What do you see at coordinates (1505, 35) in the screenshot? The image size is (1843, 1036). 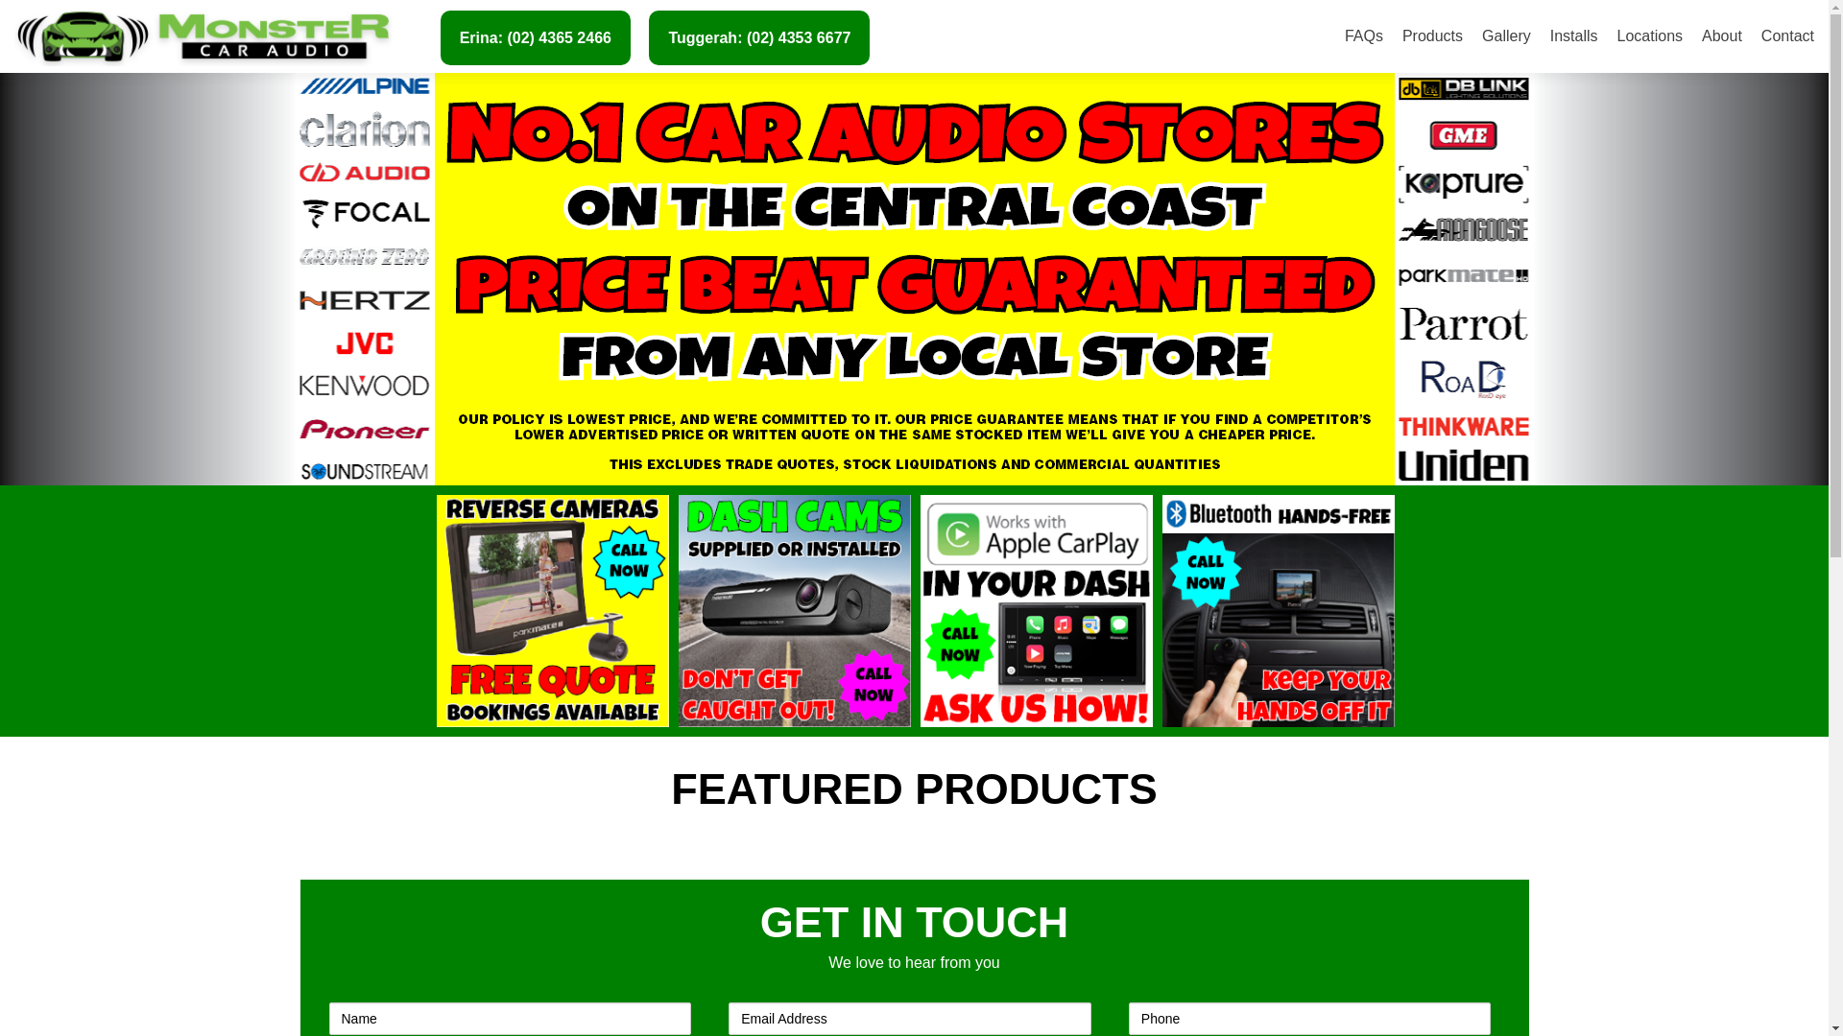 I see `'Gallery'` at bounding box center [1505, 35].